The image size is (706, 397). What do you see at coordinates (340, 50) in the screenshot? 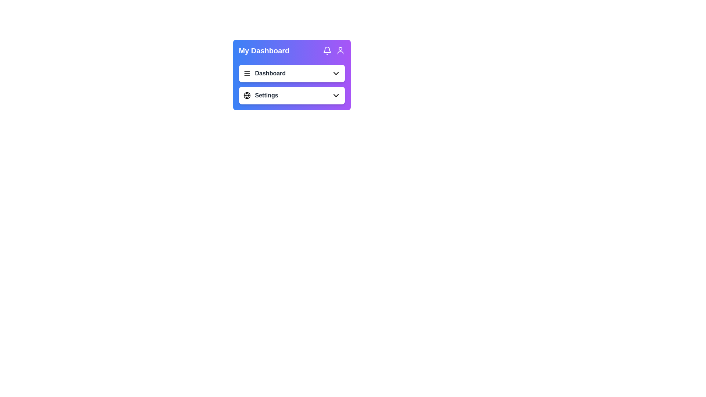
I see `the user profile access icon located at the top right corner of the 'My Dashboard' card, adjacent to the bell icon` at bounding box center [340, 50].